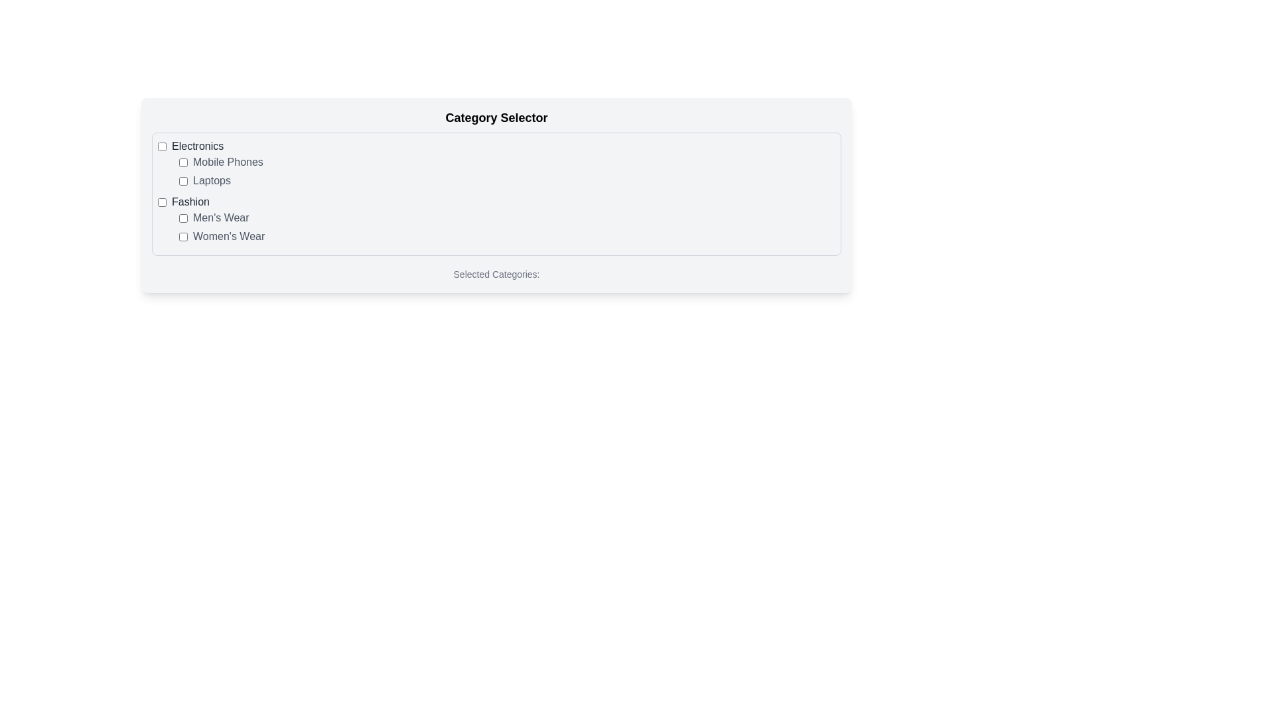 The image size is (1274, 716). What do you see at coordinates (190, 202) in the screenshot?
I see `text label displaying 'Fashion', which is gray and legible, located under the category 'Fashion' next to a checkbox` at bounding box center [190, 202].